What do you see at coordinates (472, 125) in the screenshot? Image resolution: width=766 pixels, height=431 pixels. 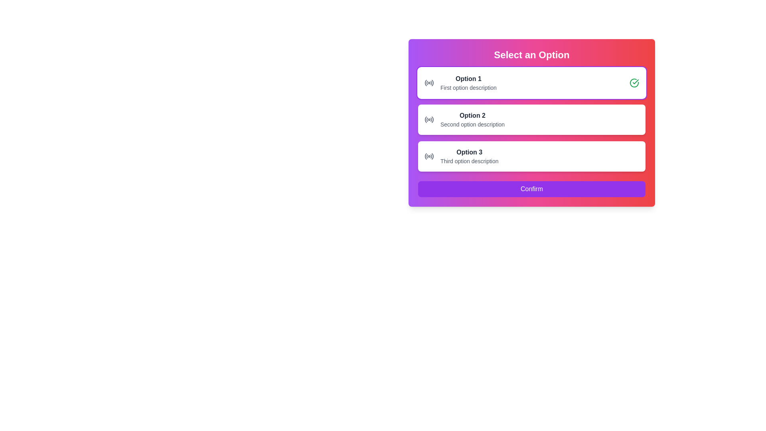 I see `the light-gray text label located below the 'Option 2' label in the second section of the selectable options list` at bounding box center [472, 125].